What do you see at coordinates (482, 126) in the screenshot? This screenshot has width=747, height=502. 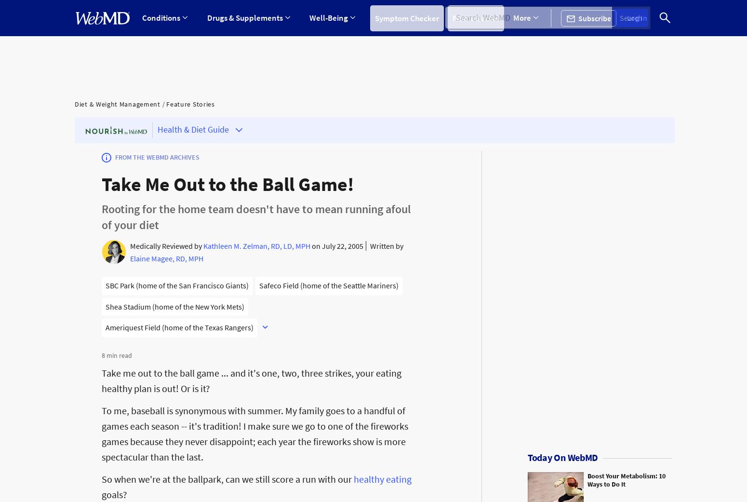 I see `'Skin Problems'` at bounding box center [482, 126].